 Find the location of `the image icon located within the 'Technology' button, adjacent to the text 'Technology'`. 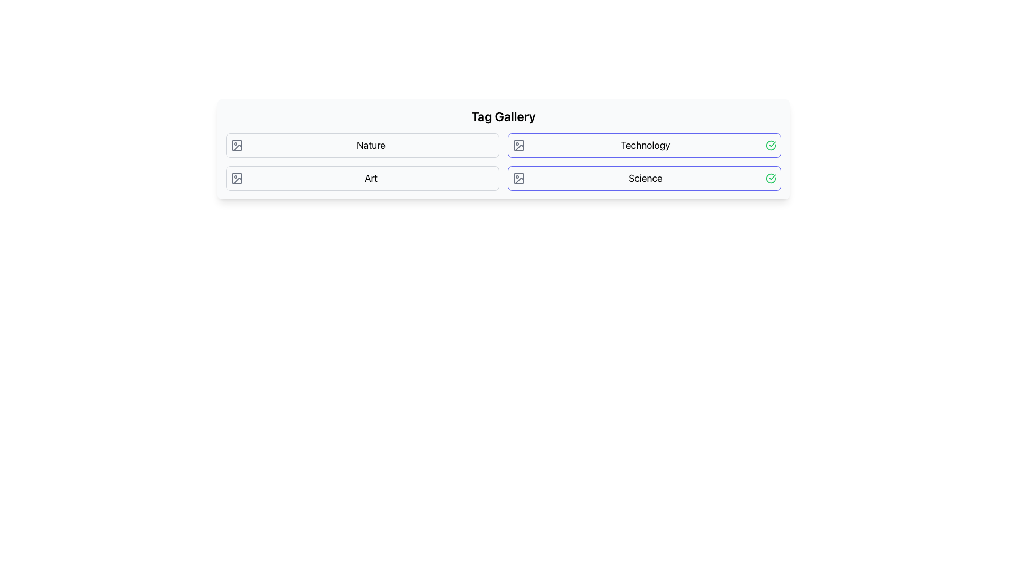

the image icon located within the 'Technology' button, adjacent to the text 'Technology' is located at coordinates (518, 145).